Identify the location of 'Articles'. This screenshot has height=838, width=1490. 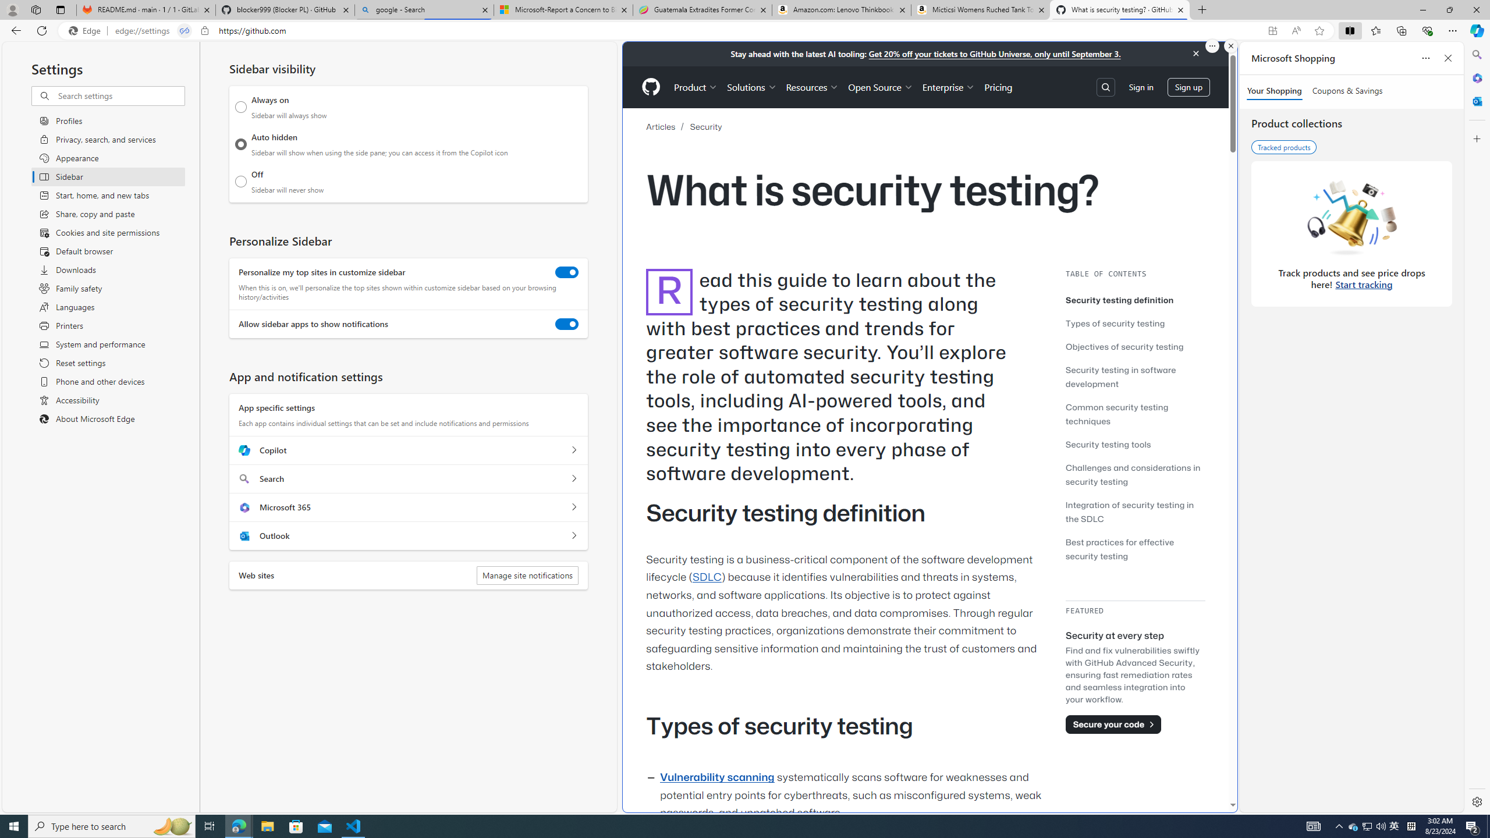
(661, 127).